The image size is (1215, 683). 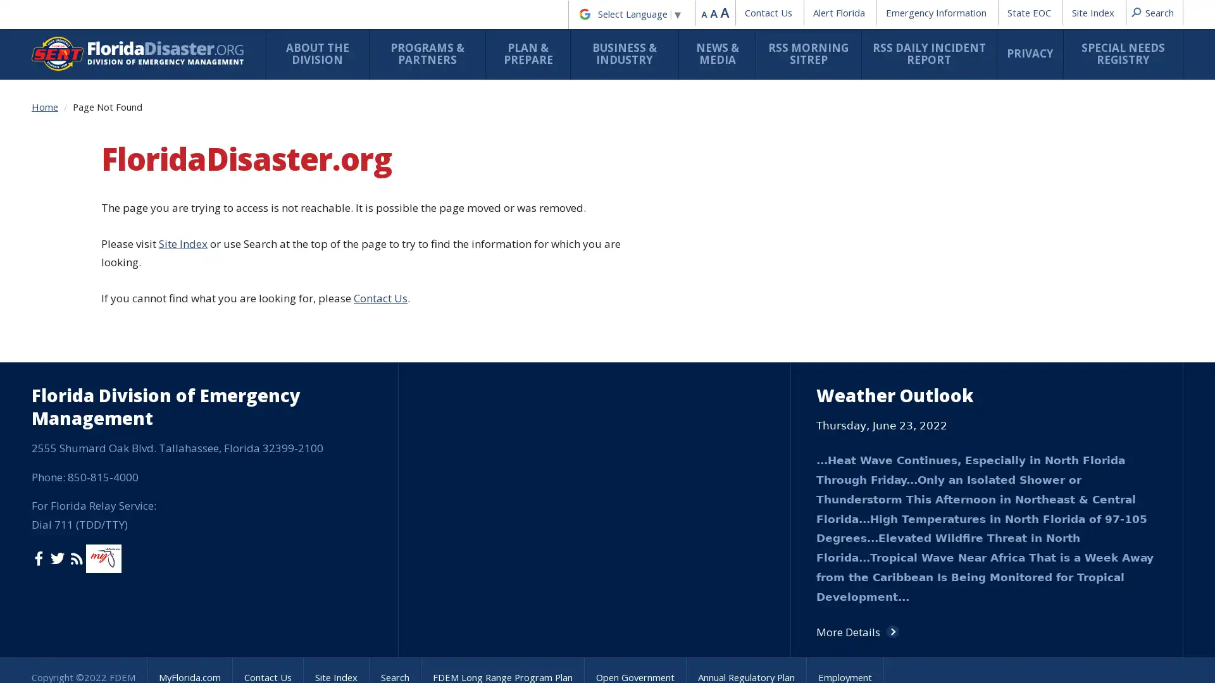 I want to click on Toggle More, so click(x=380, y=355).